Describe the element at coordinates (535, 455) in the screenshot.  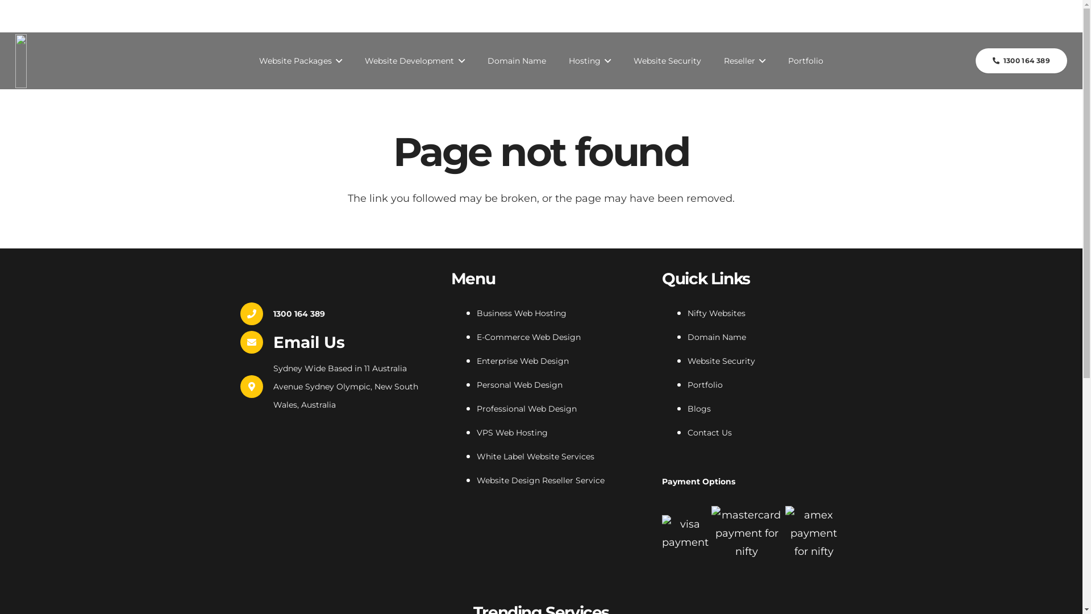
I see `'White Label Website Services'` at that location.